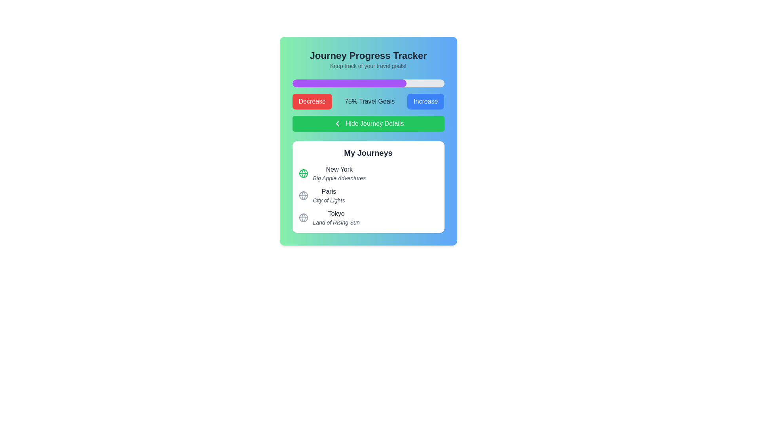 The image size is (760, 427). What do you see at coordinates (303, 173) in the screenshot?
I see `the globe icon with a green outline located next to the text 'New York' and 'Big Apple Adventures' in the 'My Journeys' section` at bounding box center [303, 173].